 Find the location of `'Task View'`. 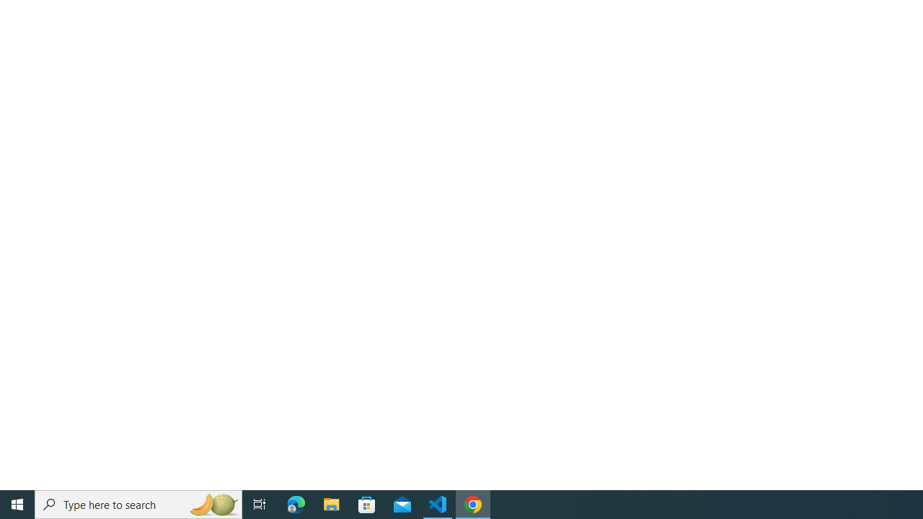

'Task View' is located at coordinates (259, 503).